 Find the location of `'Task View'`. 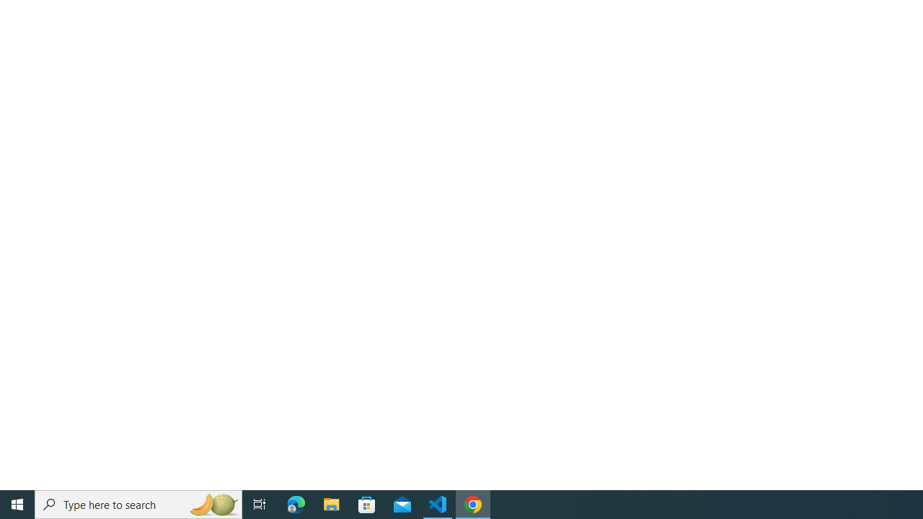

'Task View' is located at coordinates (259, 503).